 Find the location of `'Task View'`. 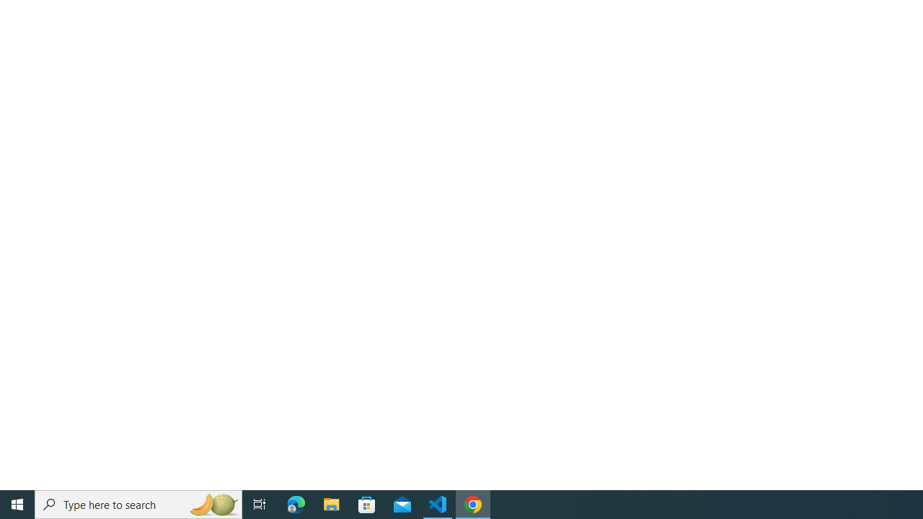

'Task View' is located at coordinates (259, 503).